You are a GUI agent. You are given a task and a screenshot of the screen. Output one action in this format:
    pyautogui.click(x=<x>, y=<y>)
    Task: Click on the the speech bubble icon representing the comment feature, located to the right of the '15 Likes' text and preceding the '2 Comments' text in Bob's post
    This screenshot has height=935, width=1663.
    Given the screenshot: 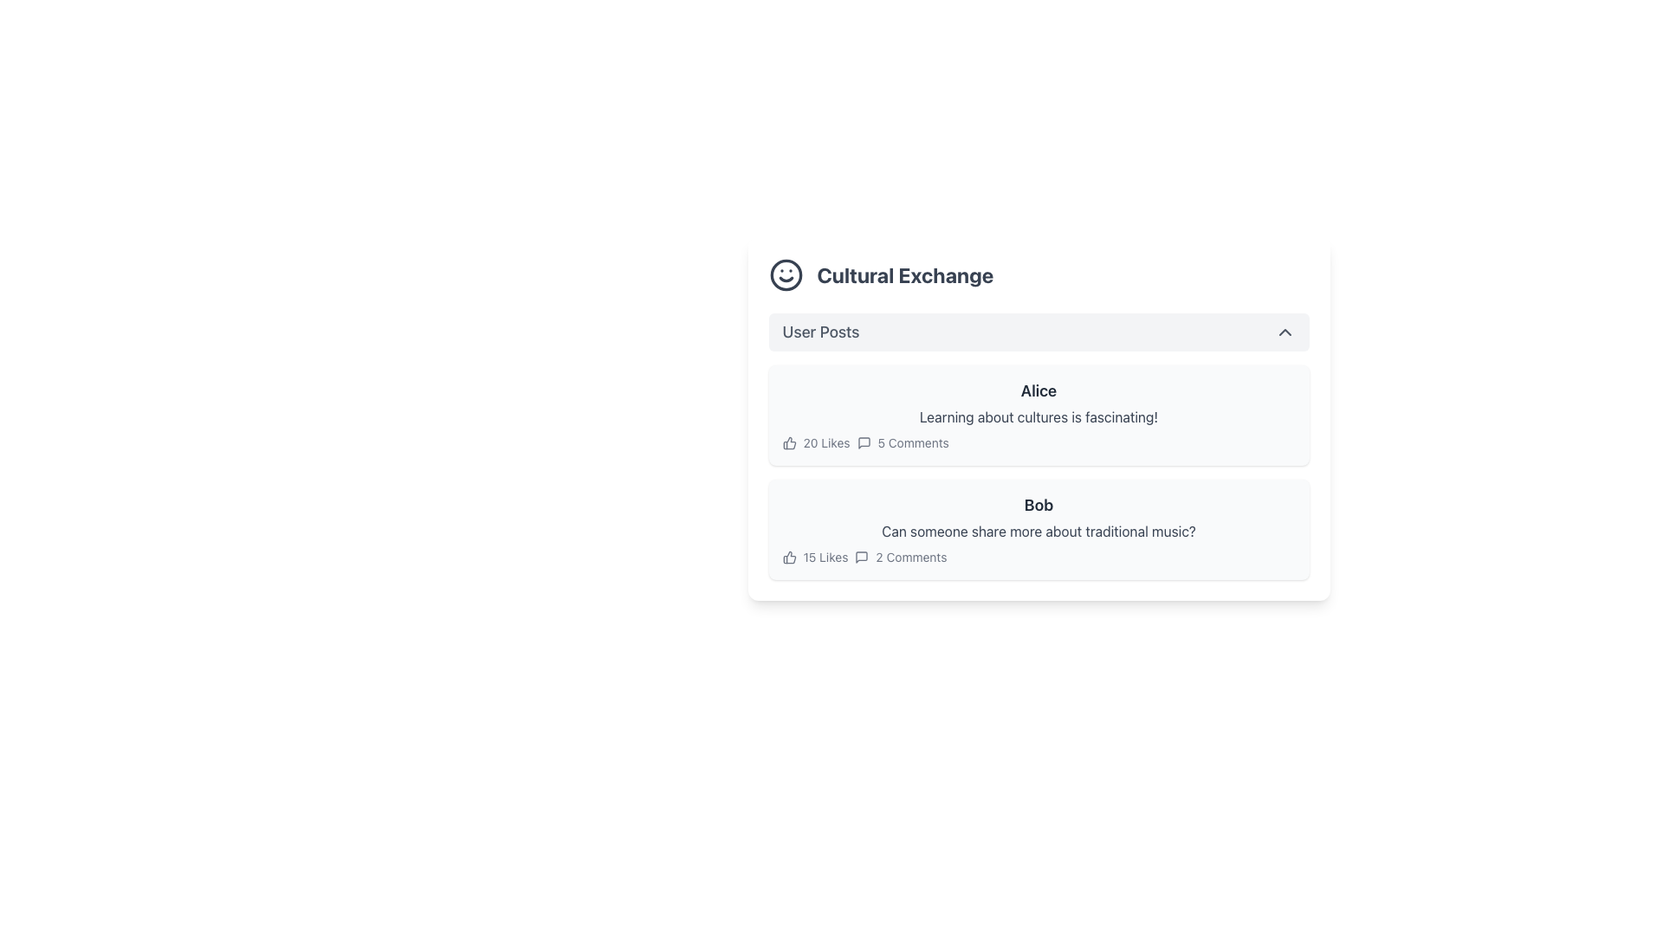 What is the action you would take?
    pyautogui.click(x=862, y=558)
    